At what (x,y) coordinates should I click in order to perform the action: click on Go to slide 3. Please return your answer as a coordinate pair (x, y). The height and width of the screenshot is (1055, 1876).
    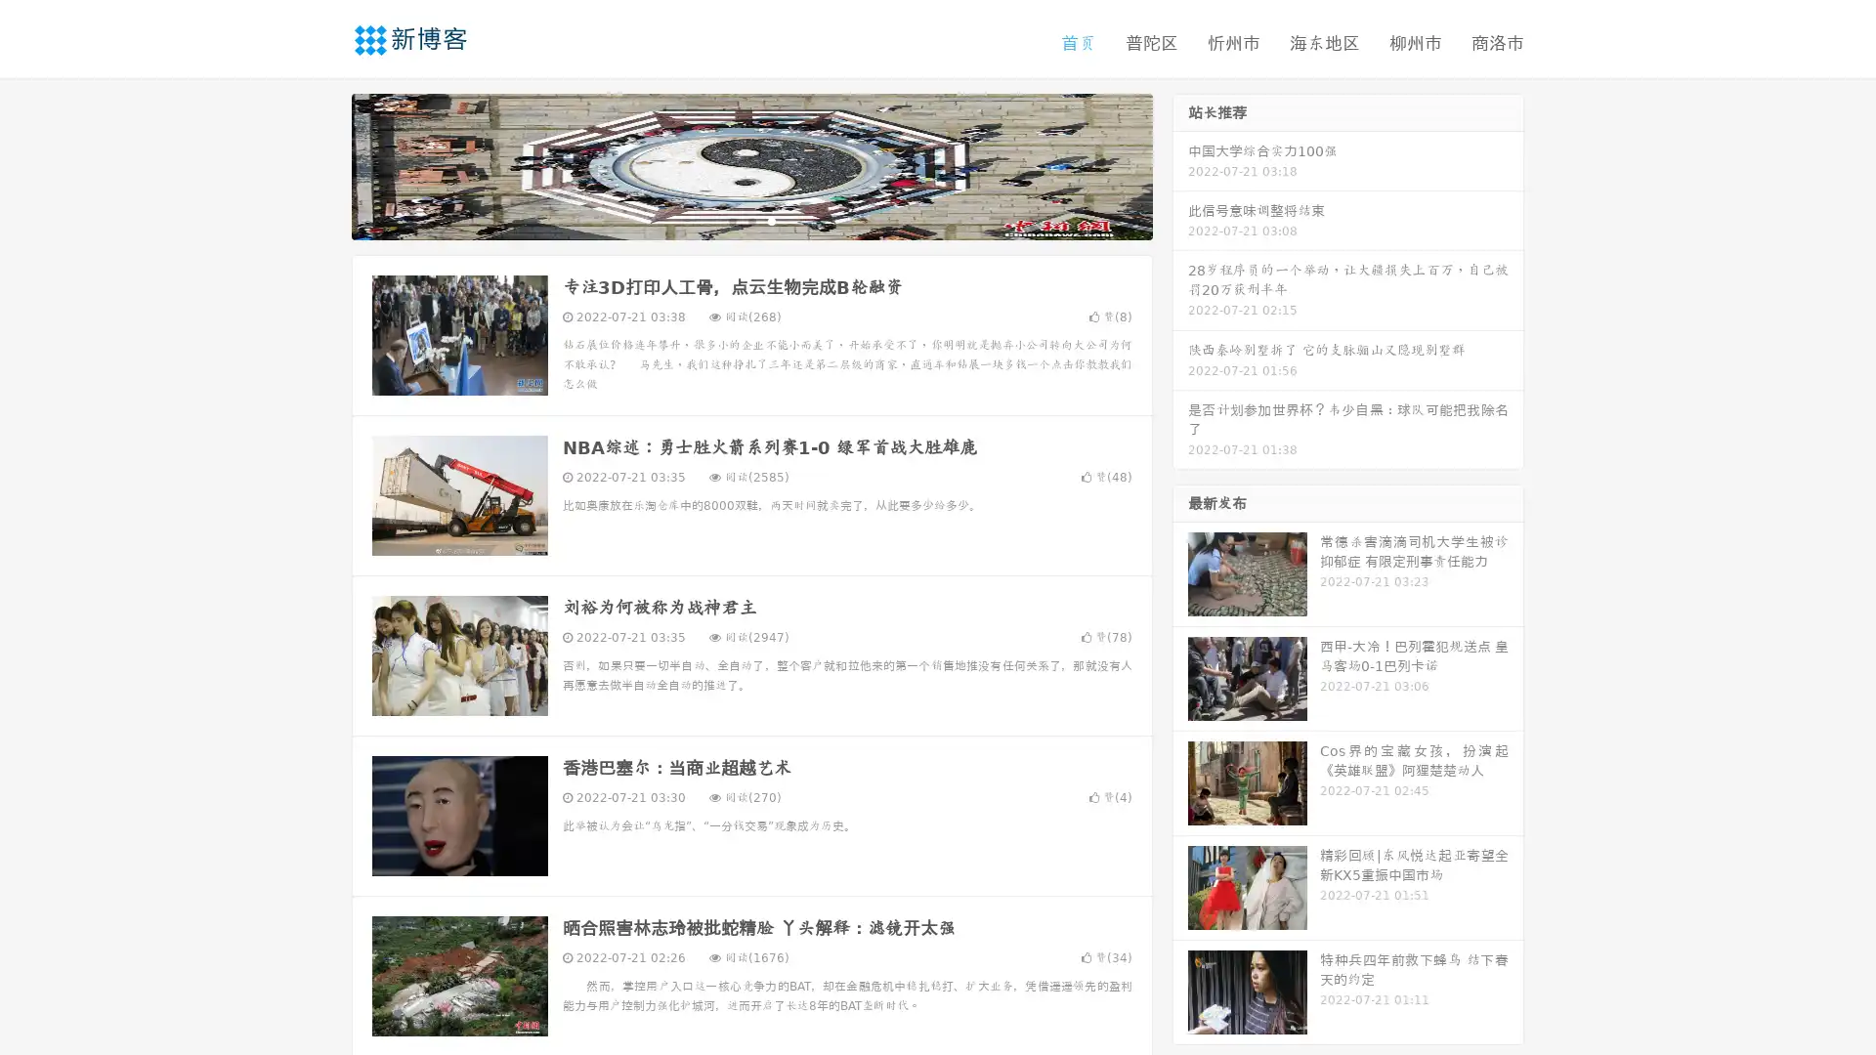
    Looking at the image, I should click on (771, 220).